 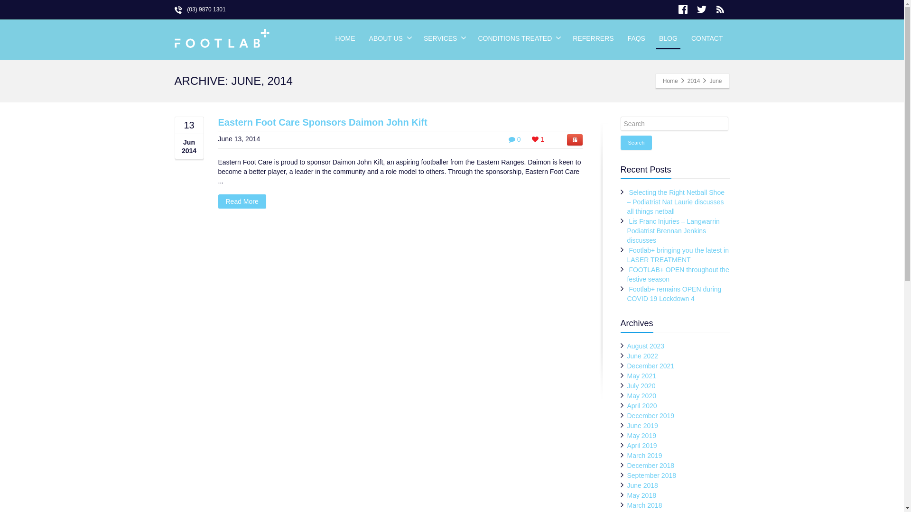 I want to click on 'Home', so click(x=669, y=80).